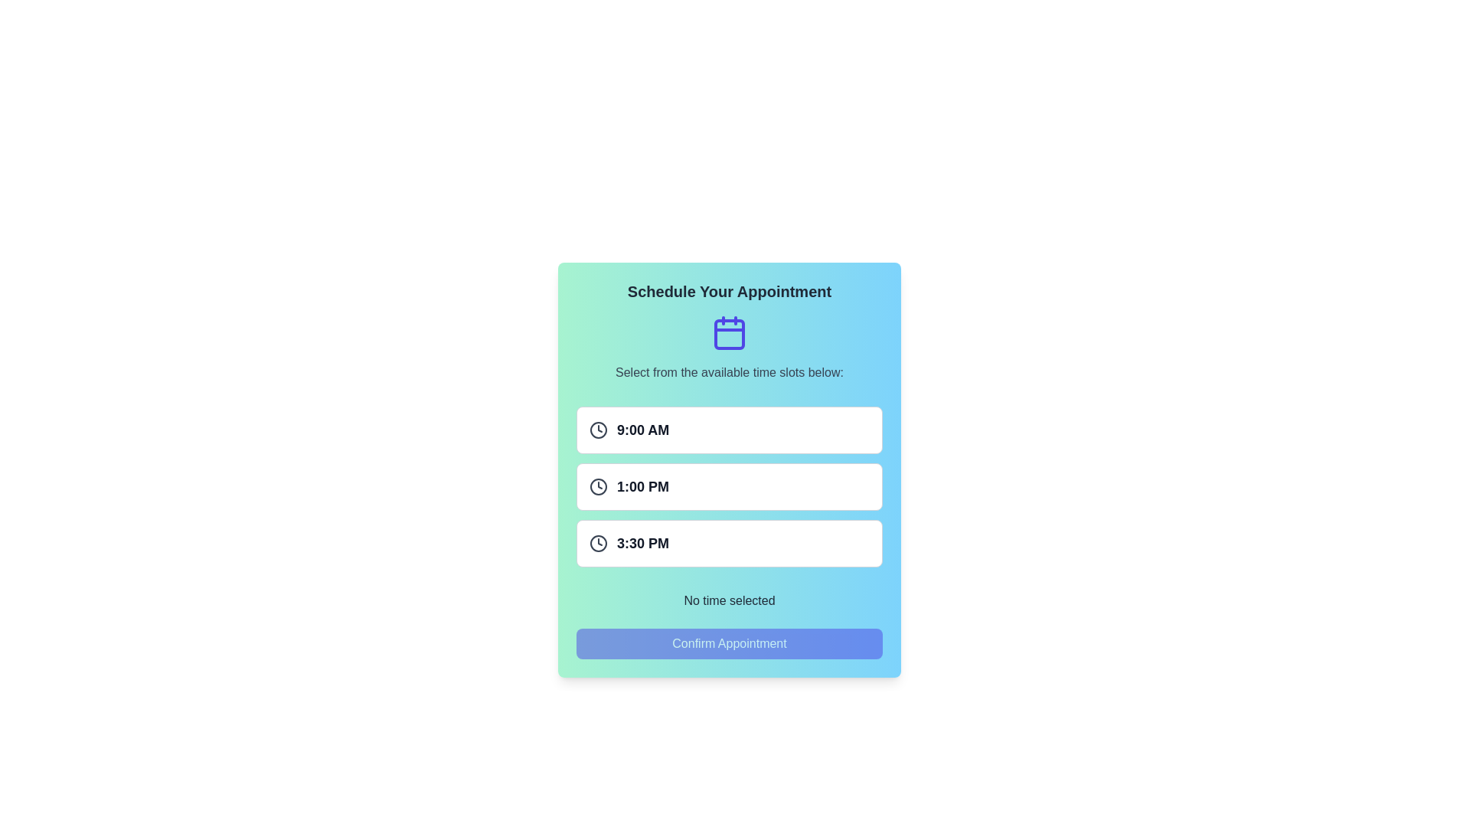 The image size is (1470, 827). What do you see at coordinates (643, 487) in the screenshot?
I see `the text label displaying '1:00 PM', which is styled in bold and dark gray, located on the second line of the time slot list` at bounding box center [643, 487].